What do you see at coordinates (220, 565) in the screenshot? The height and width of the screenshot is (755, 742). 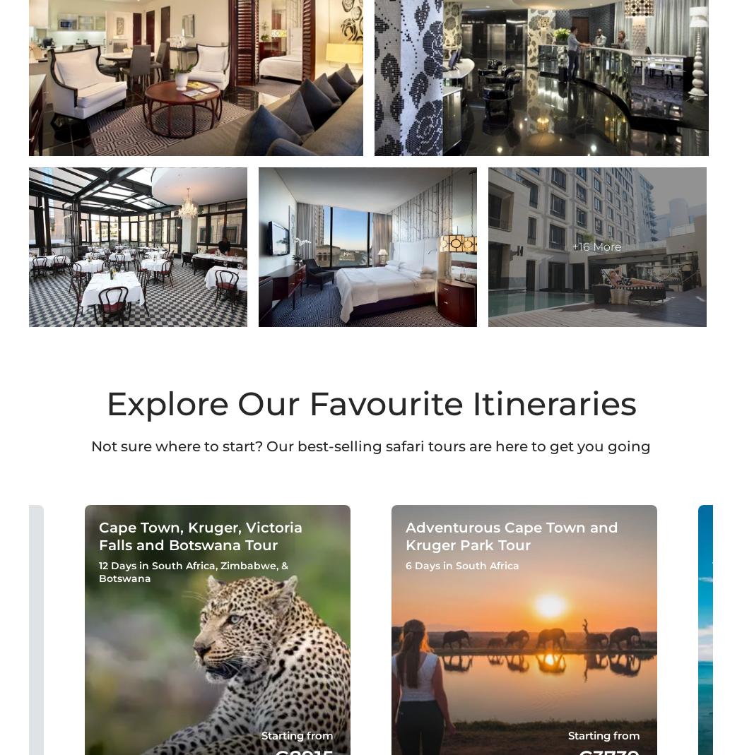 I see `'Zimbabwe'` at bounding box center [220, 565].